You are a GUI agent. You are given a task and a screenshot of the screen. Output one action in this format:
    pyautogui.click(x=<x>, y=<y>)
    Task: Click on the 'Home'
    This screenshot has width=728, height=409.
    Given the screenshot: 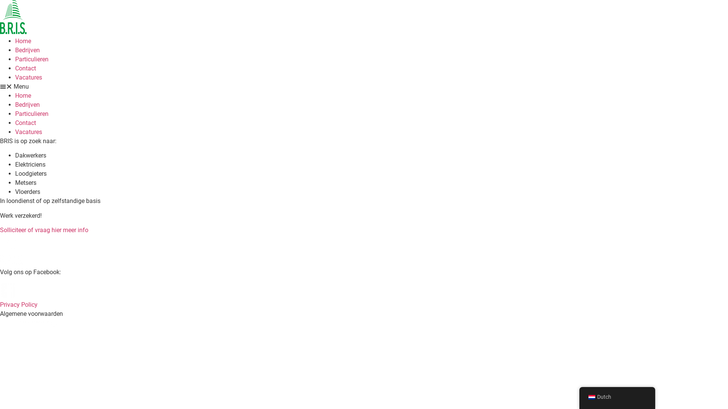 What is the action you would take?
    pyautogui.click(x=23, y=41)
    